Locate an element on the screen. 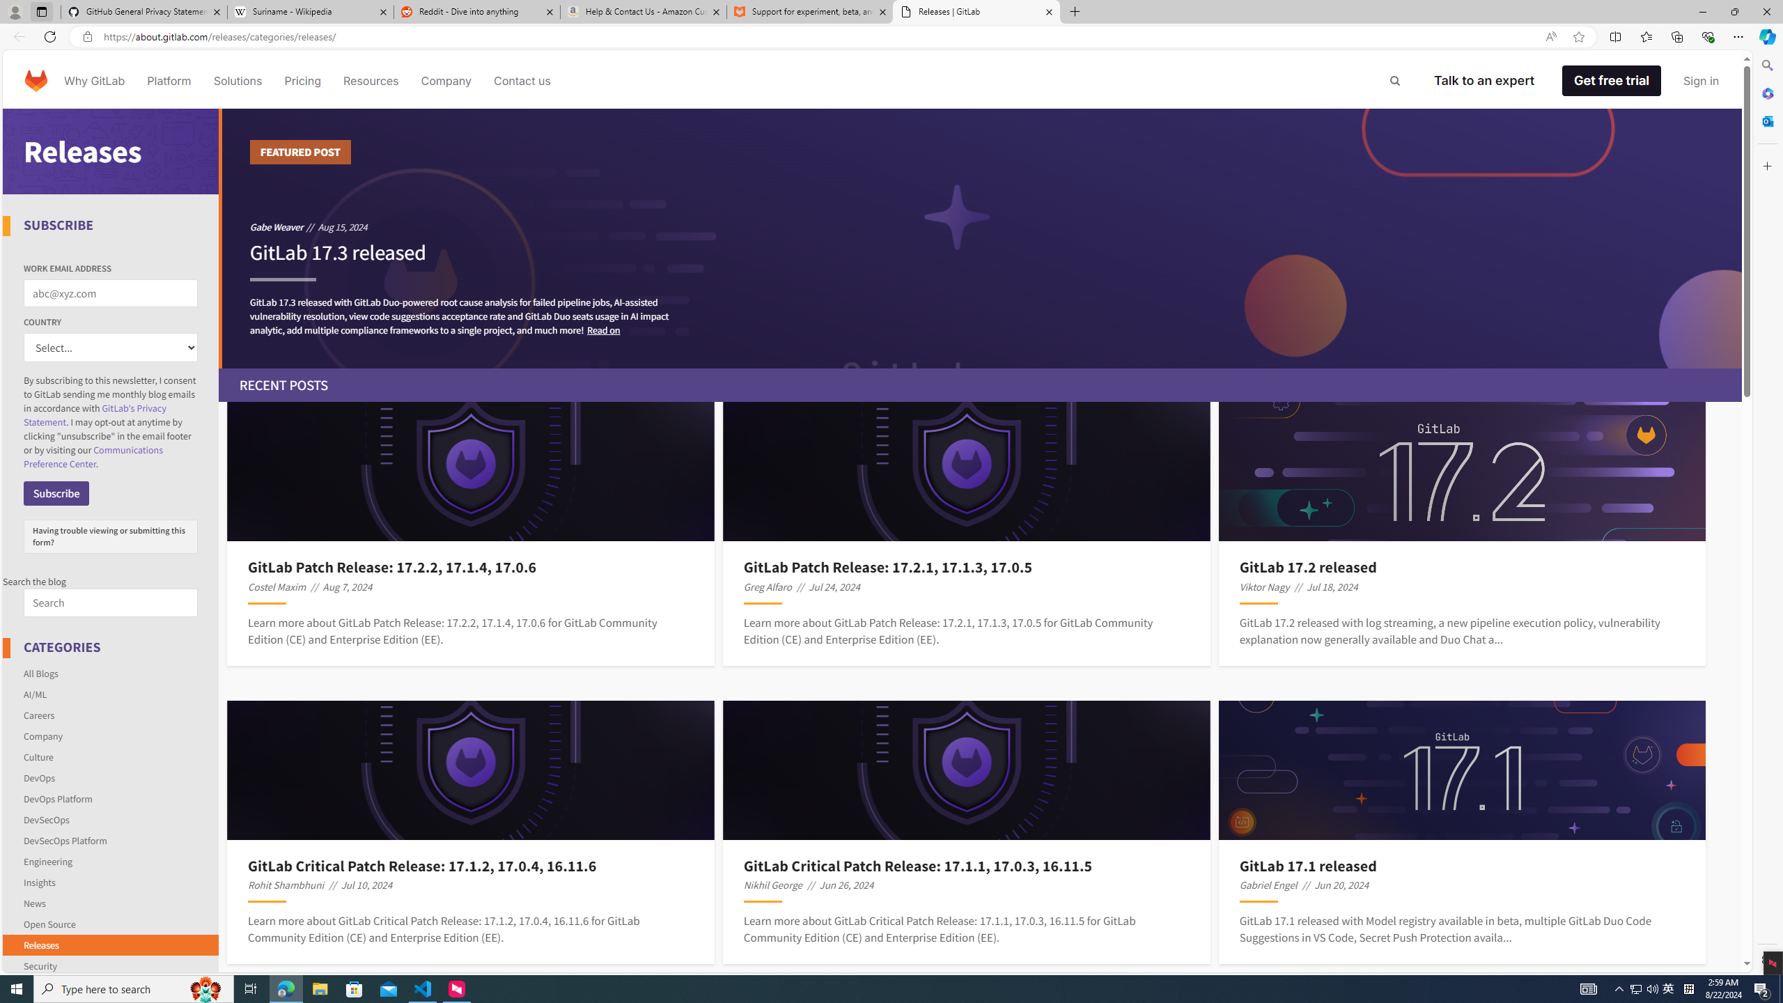  'GitLab Critical Patch Release: 17.1.1, 17.0.3, 16.11.5' is located at coordinates (965, 864).